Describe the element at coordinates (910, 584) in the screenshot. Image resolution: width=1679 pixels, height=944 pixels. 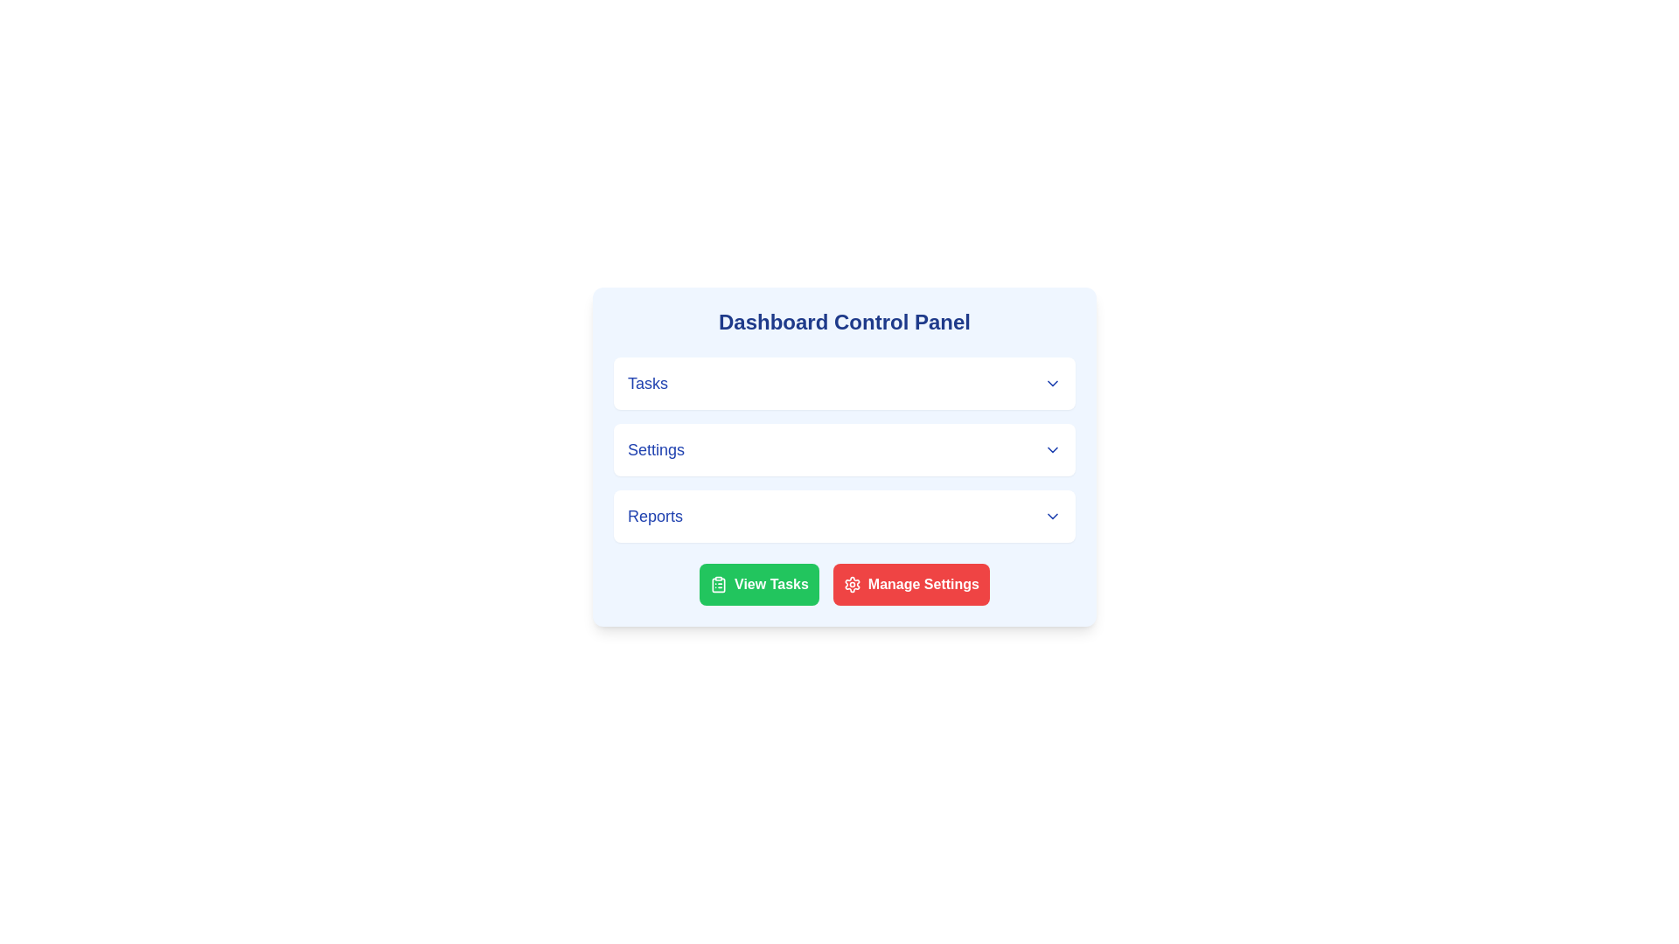
I see `the rounded rectangular button with a red background and white text reading 'Manage Settings' to manage settings` at that location.